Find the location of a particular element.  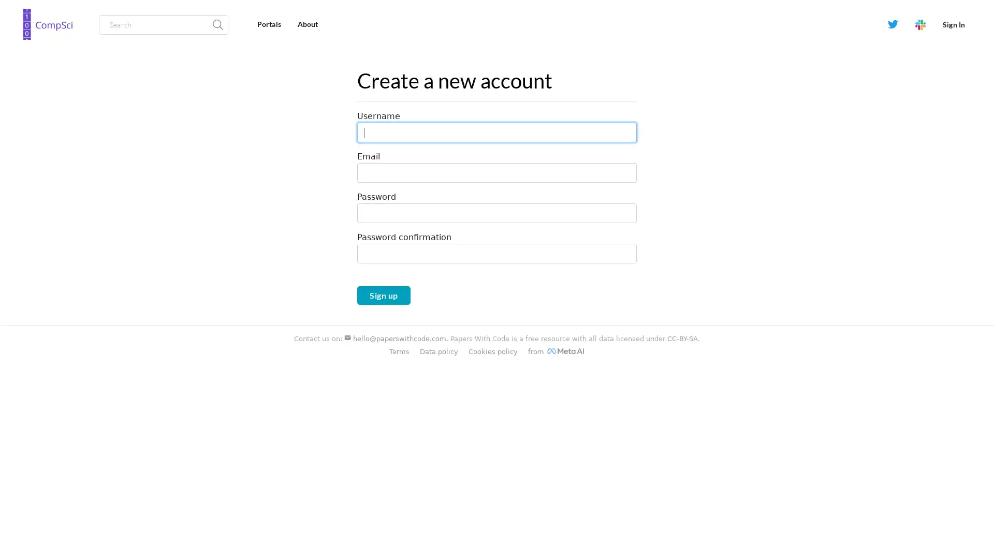

Sign up is located at coordinates (383, 295).